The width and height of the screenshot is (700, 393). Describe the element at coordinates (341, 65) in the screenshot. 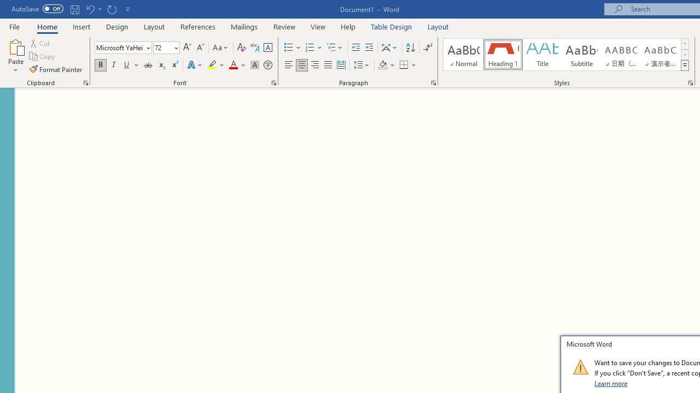

I see `'Distributed'` at that location.